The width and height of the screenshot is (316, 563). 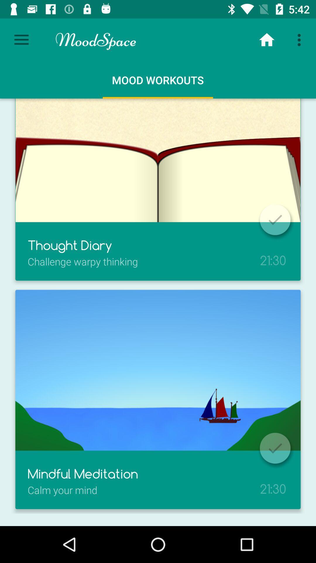 I want to click on the second image, so click(x=158, y=370).